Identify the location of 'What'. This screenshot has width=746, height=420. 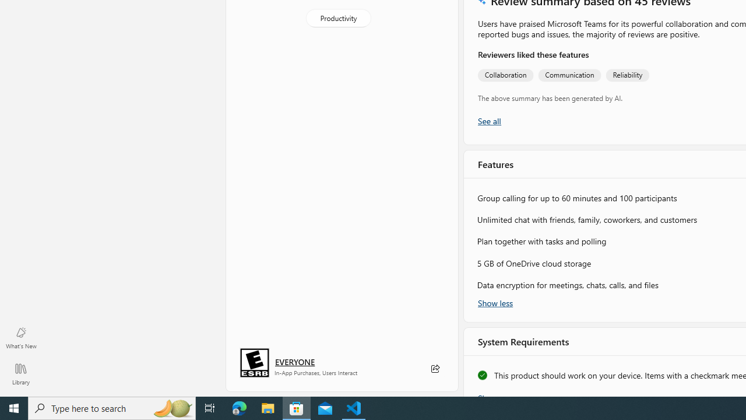
(20, 337).